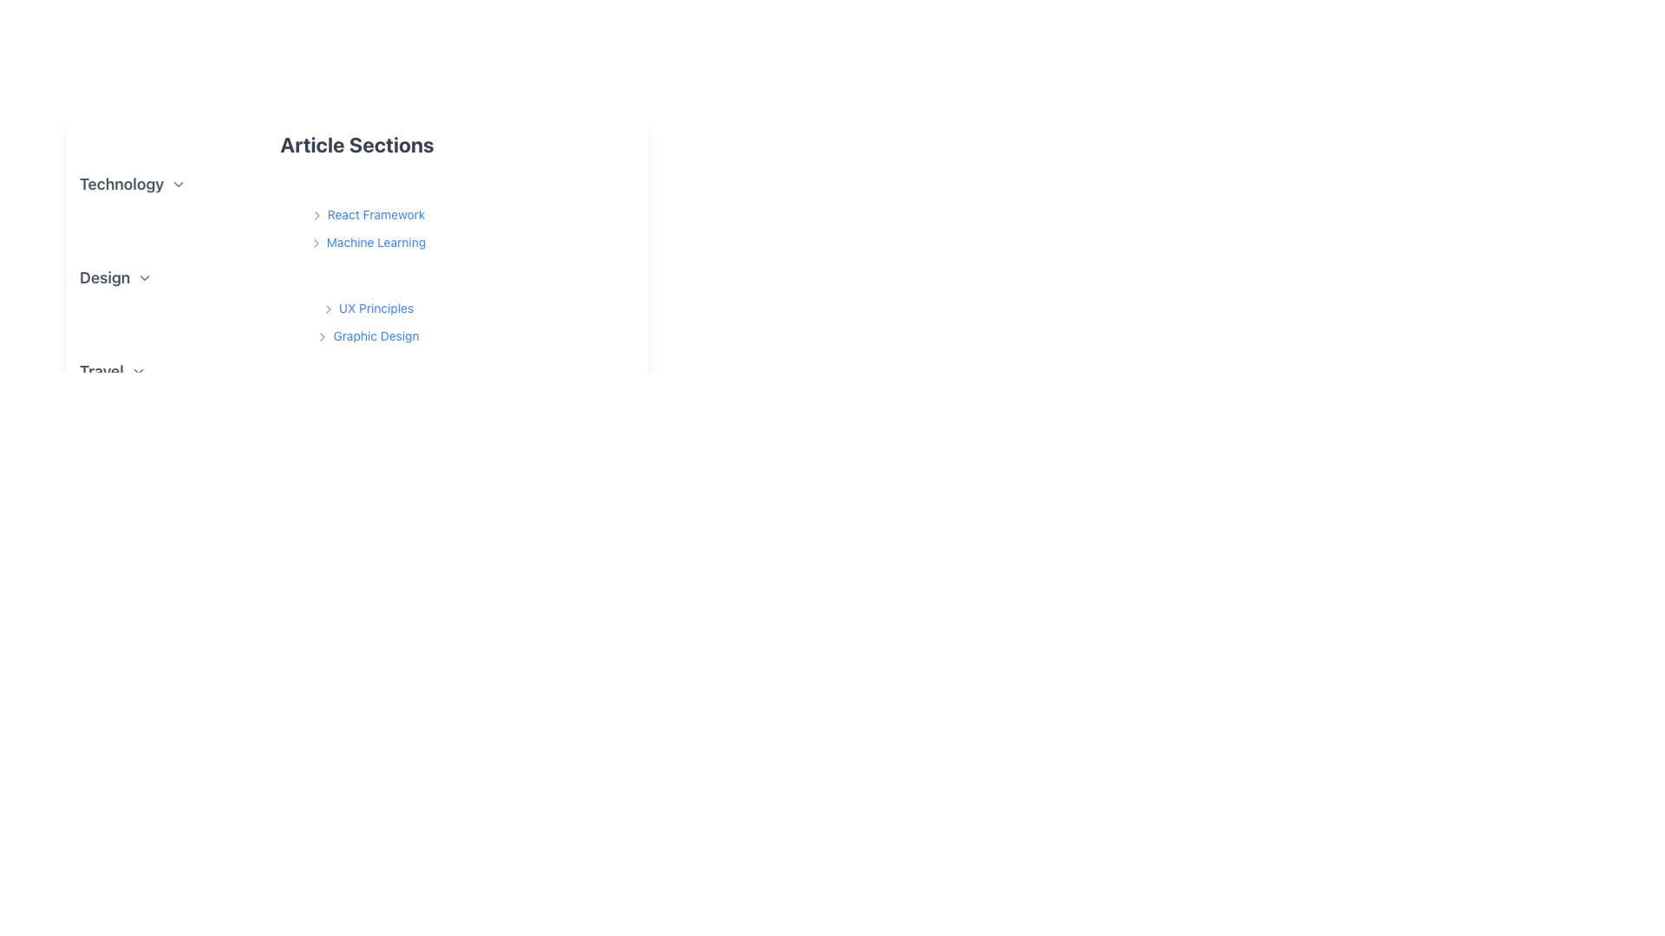 Image resolution: width=1665 pixels, height=936 pixels. What do you see at coordinates (145, 276) in the screenshot?
I see `the small downward-pointing chevron icon located immediately to the right of the 'Design' label` at bounding box center [145, 276].